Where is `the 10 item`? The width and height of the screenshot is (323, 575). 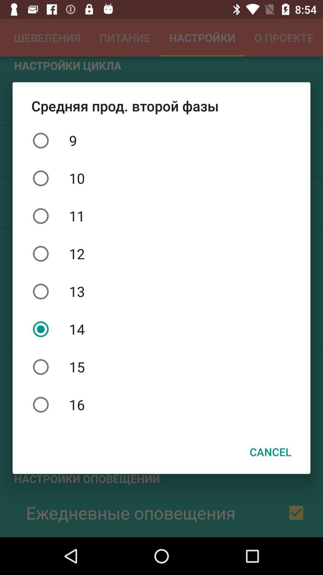 the 10 item is located at coordinates (161, 178).